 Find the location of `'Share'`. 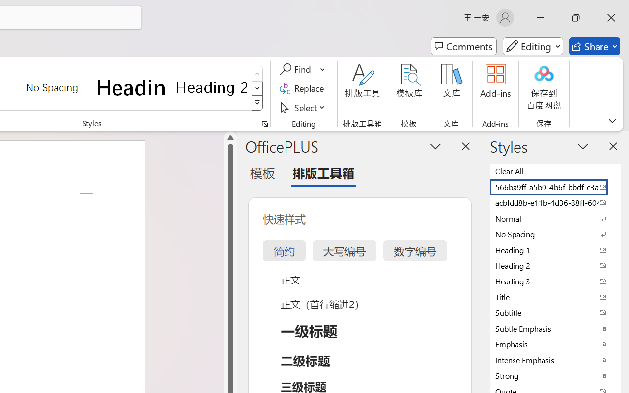

'Share' is located at coordinates (594, 46).